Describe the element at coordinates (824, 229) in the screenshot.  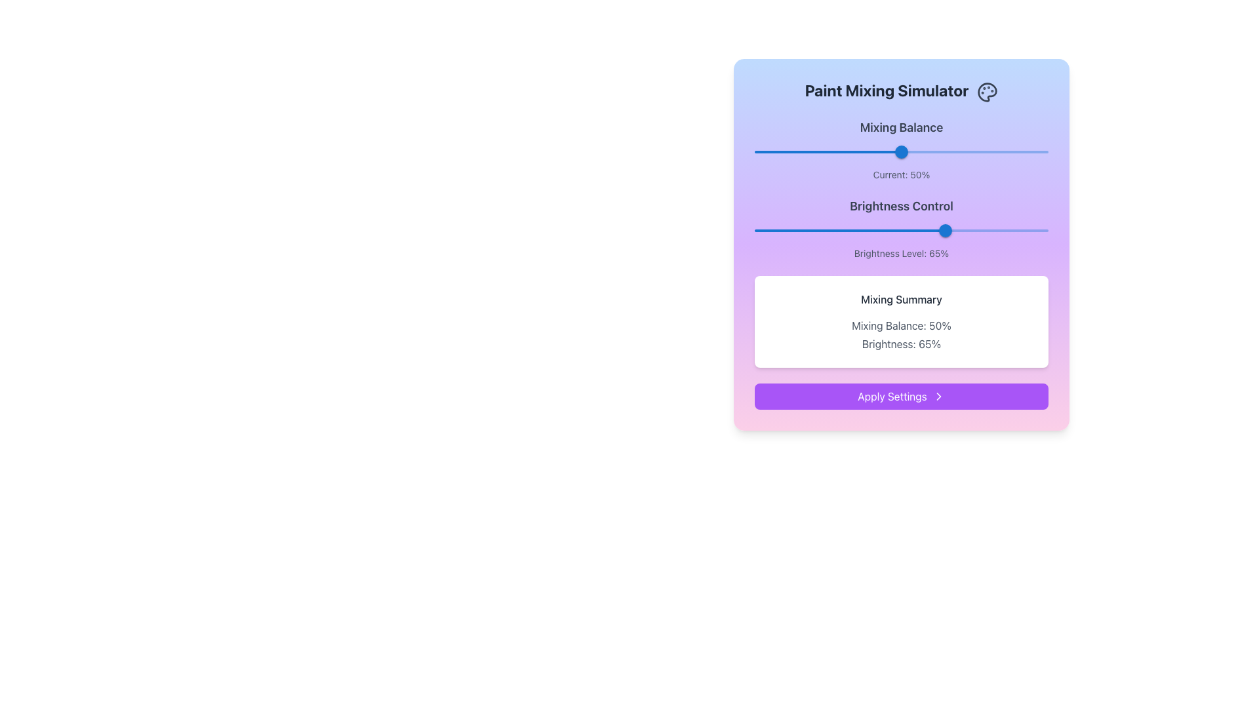
I see `the brightness level` at that location.